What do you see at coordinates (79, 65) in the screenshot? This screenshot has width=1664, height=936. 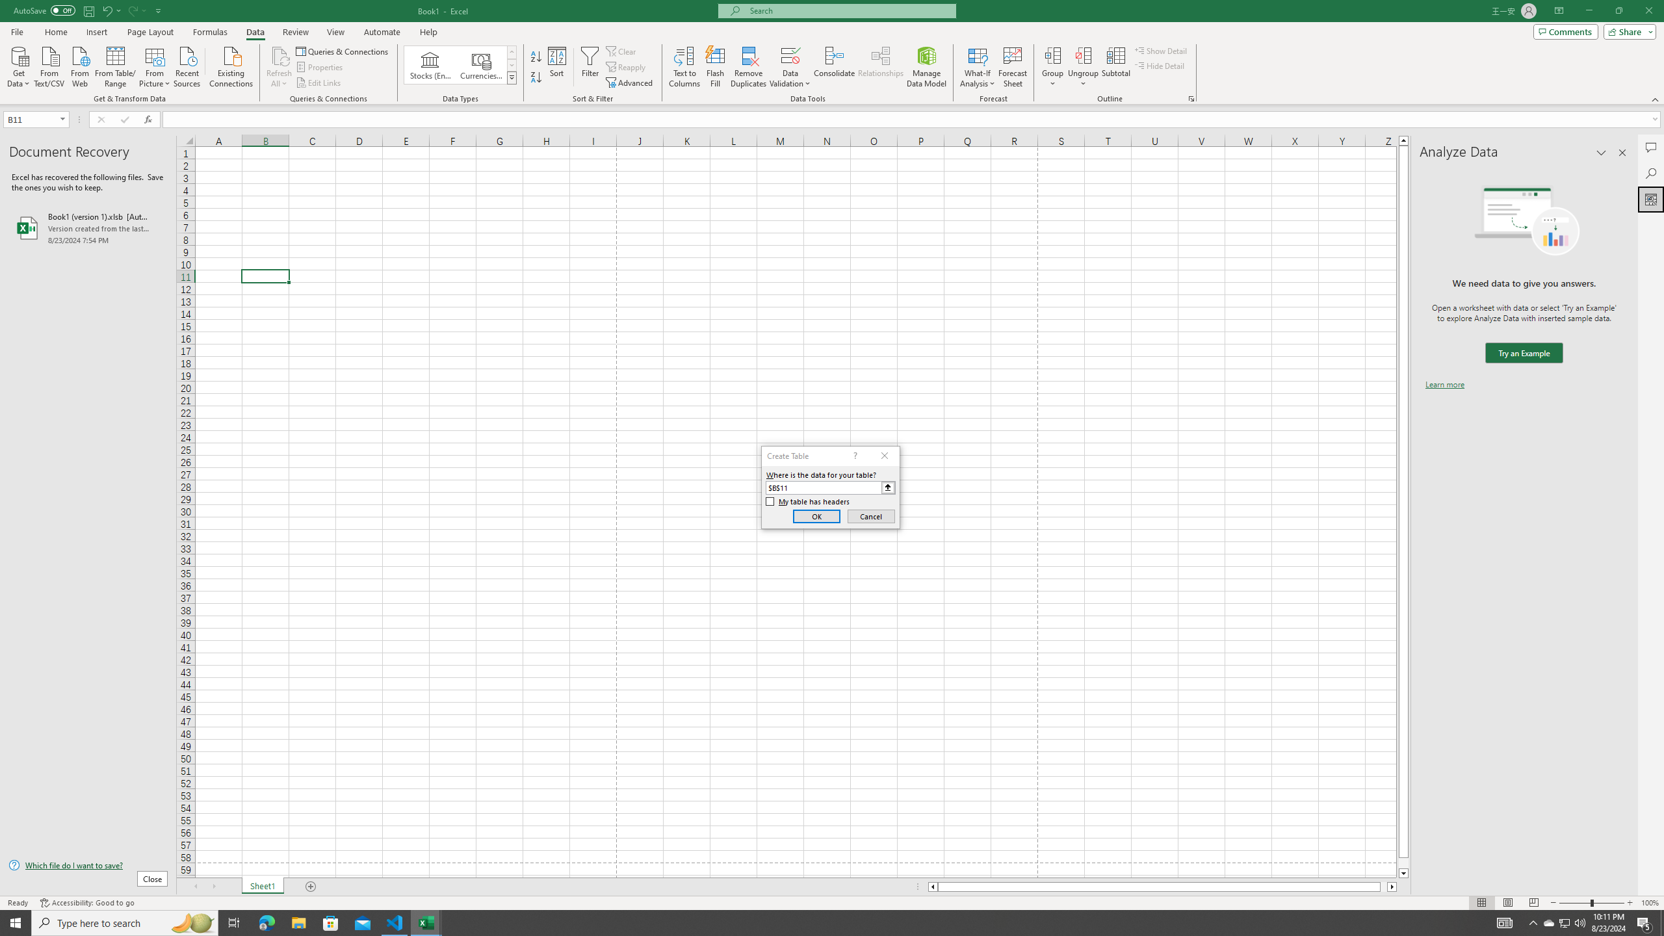 I see `'From Web'` at bounding box center [79, 65].